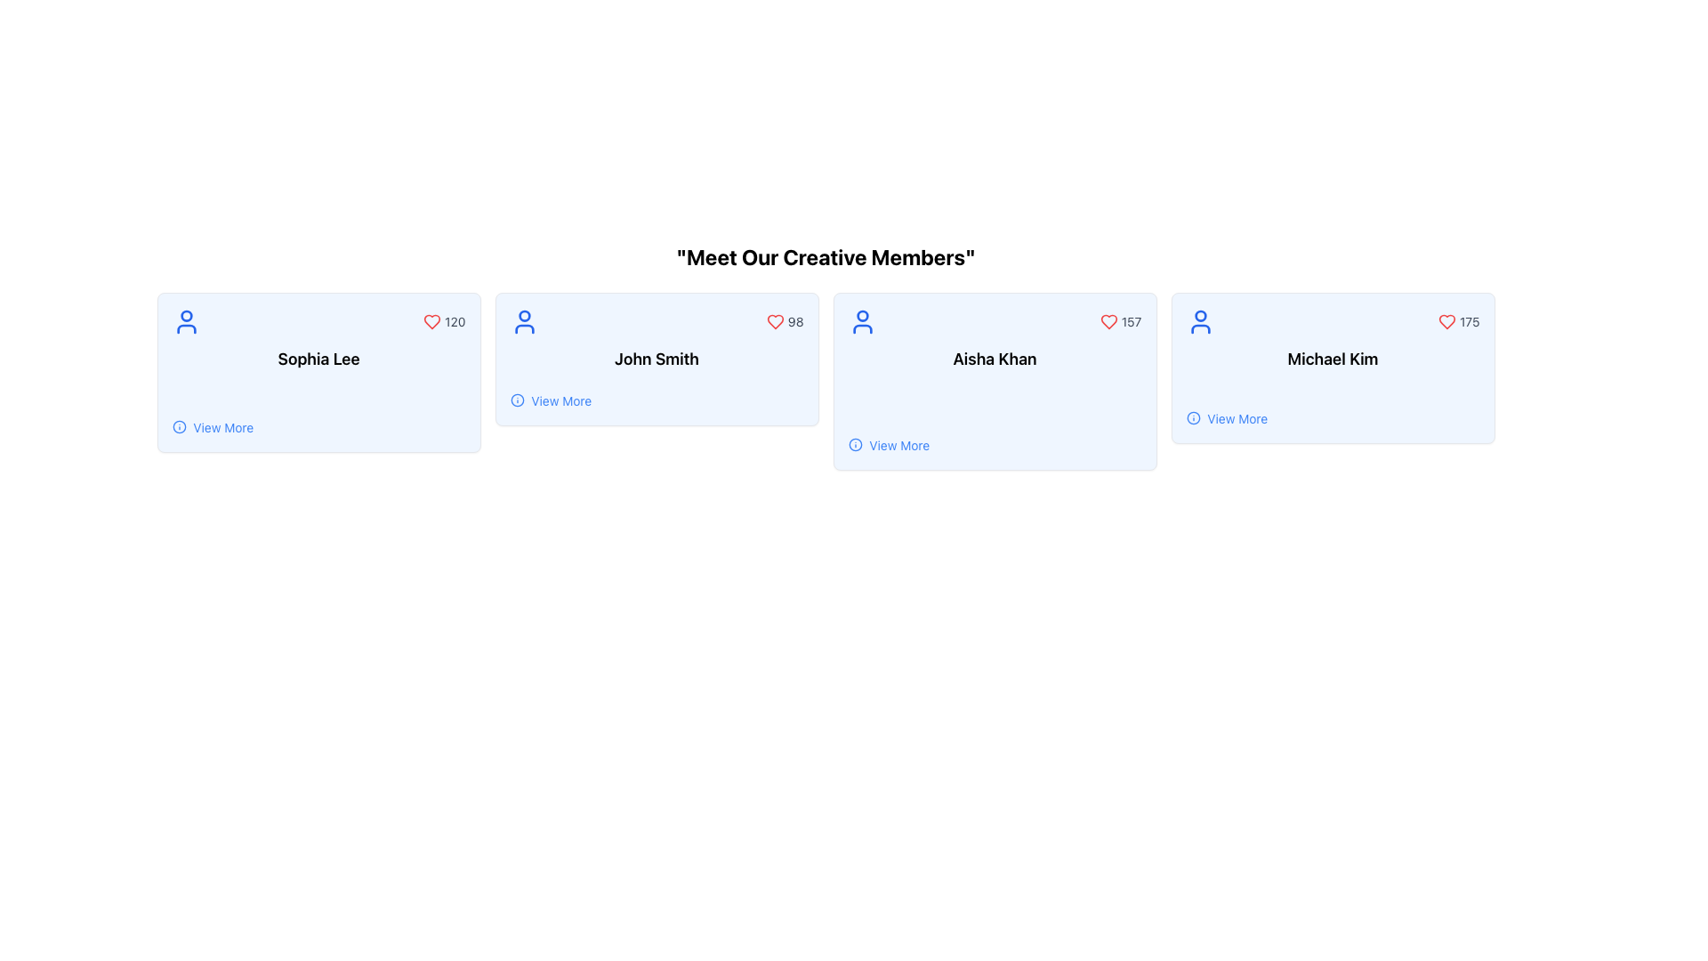 The height and width of the screenshot is (961, 1708). What do you see at coordinates (1447, 322) in the screenshot?
I see `the heart icon in the top-right corner of Michael Kim's card to indicate a like` at bounding box center [1447, 322].